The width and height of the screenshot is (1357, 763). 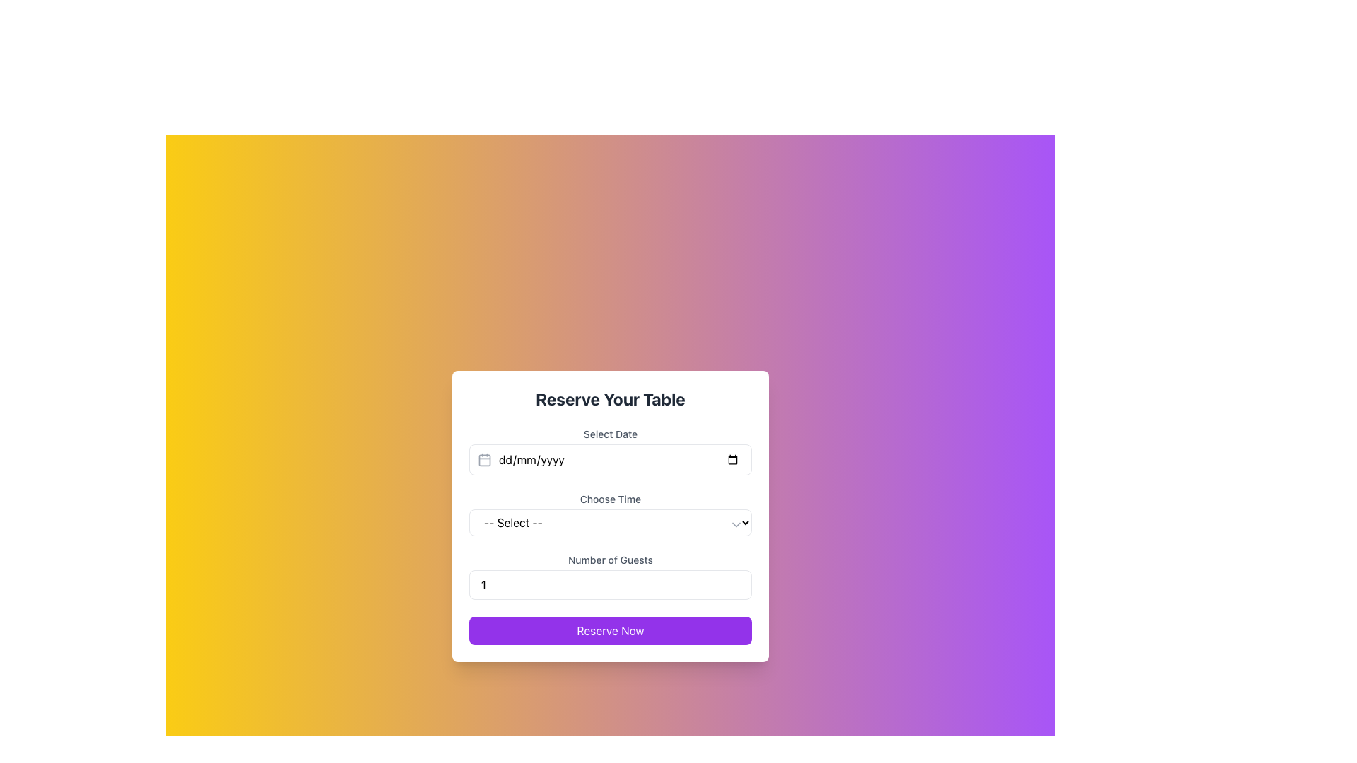 What do you see at coordinates (485, 460) in the screenshot?
I see `the SVG rectangle that represents the body of the calendar icon, located to the left of the 'dd/mm/yyyy' placeholder in the 'Select Date' input field of the 'Reserve Your Table' form` at bounding box center [485, 460].